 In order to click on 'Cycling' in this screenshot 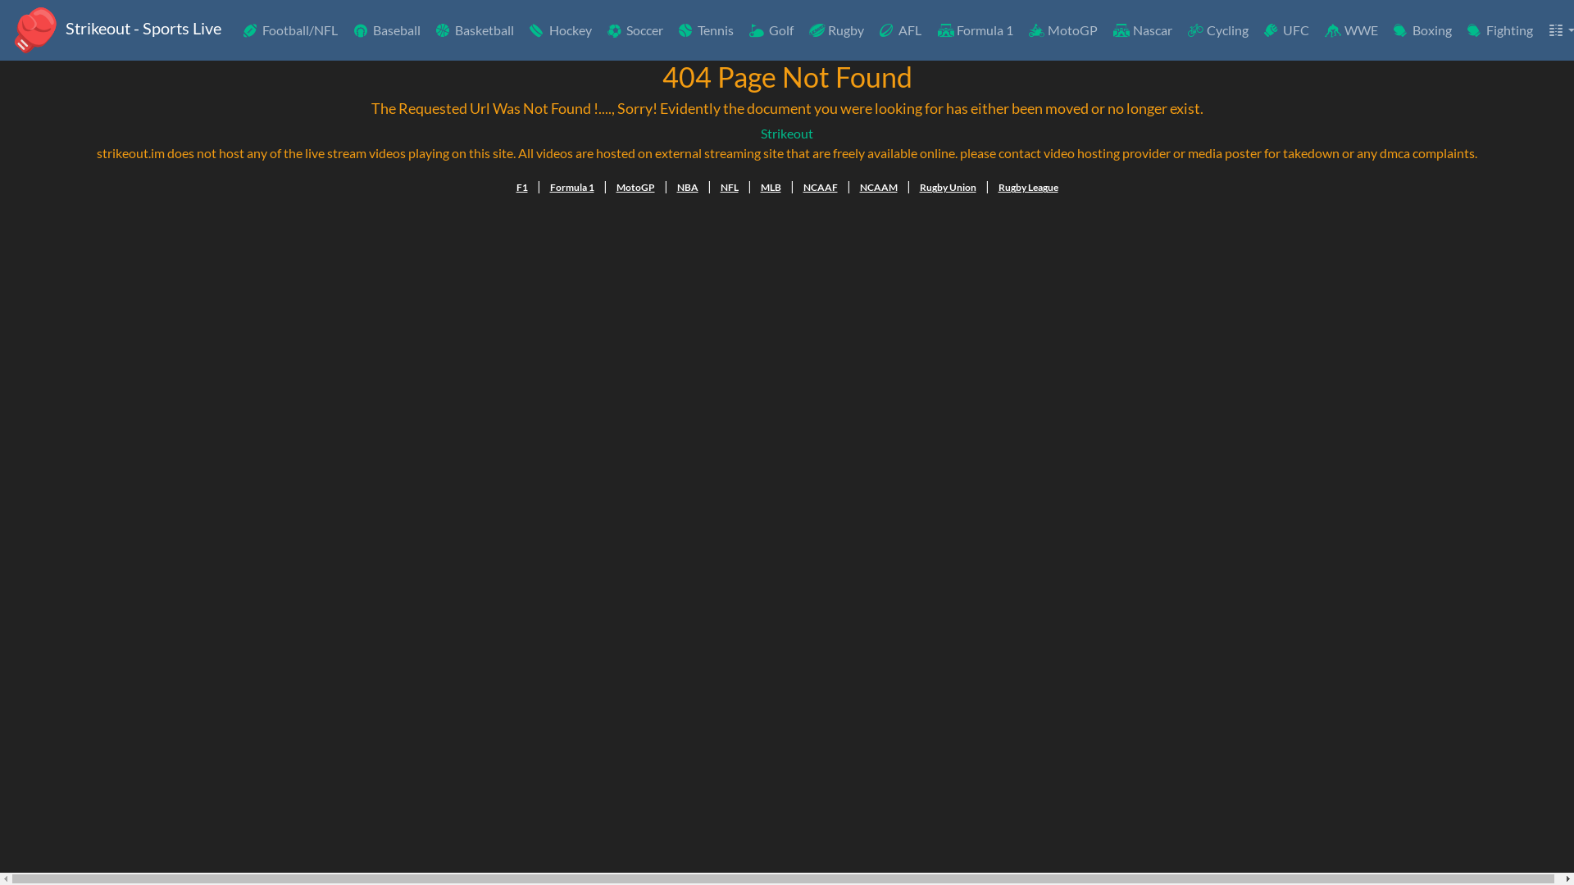, I will do `click(1217, 30)`.